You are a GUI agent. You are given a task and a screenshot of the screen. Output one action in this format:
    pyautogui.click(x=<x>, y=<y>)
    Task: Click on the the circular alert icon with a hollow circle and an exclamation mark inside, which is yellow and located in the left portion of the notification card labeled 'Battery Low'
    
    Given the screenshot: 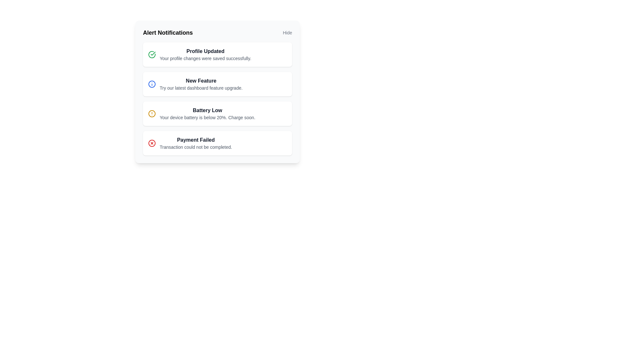 What is the action you would take?
    pyautogui.click(x=152, y=113)
    